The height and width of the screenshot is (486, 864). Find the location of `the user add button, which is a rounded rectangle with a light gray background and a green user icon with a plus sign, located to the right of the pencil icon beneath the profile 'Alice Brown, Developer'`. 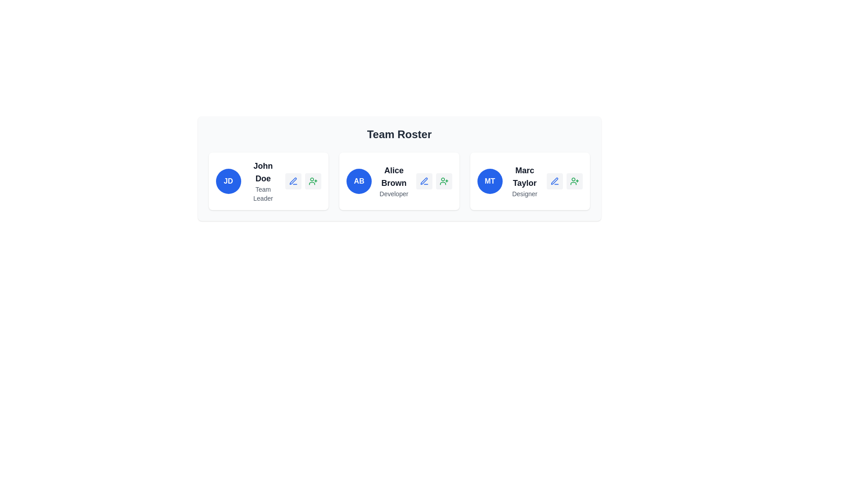

the user add button, which is a rounded rectangle with a light gray background and a green user icon with a plus sign, located to the right of the pencil icon beneath the profile 'Alice Brown, Developer' is located at coordinates (444, 181).